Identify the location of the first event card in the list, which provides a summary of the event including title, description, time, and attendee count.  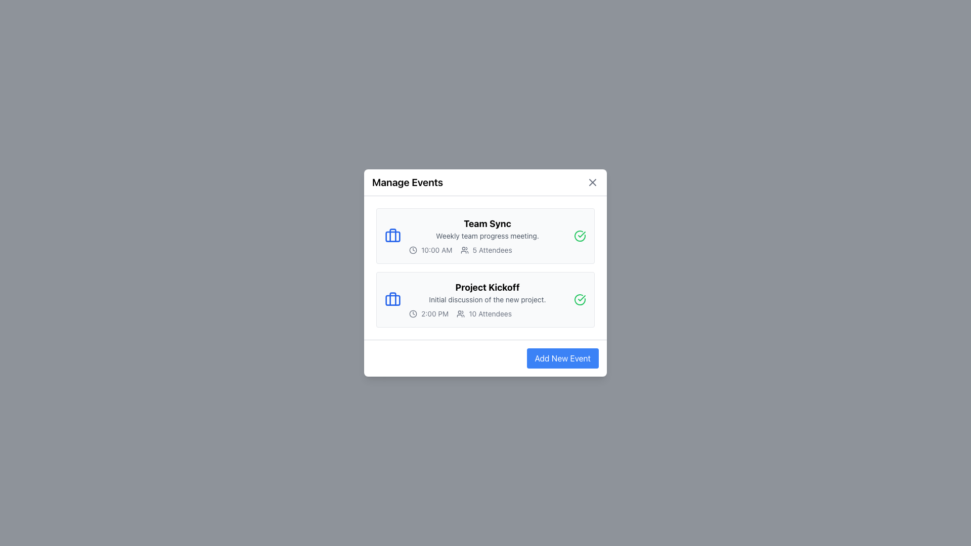
(485, 236).